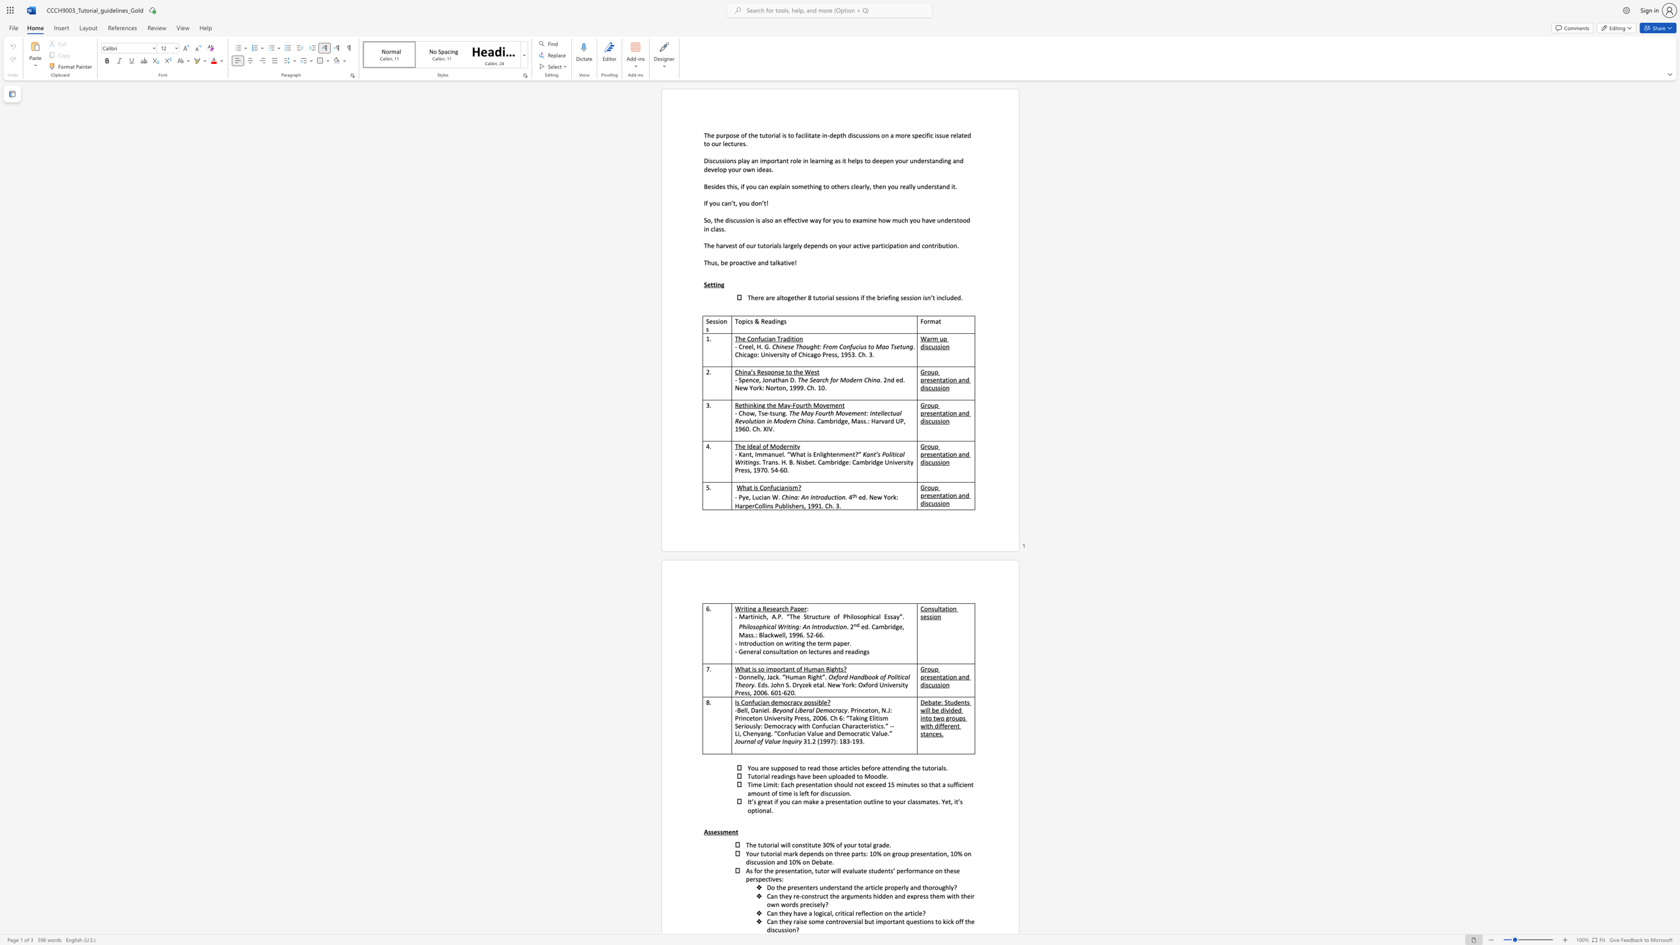 The height and width of the screenshot is (945, 1680). Describe the element at coordinates (810, 372) in the screenshot. I see `the subset text "est" within the text "China’s Response to the West"` at that location.